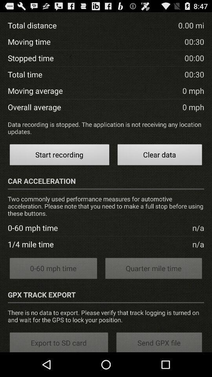 The image size is (212, 377). What do you see at coordinates (159, 341) in the screenshot?
I see `send gpx file button` at bounding box center [159, 341].